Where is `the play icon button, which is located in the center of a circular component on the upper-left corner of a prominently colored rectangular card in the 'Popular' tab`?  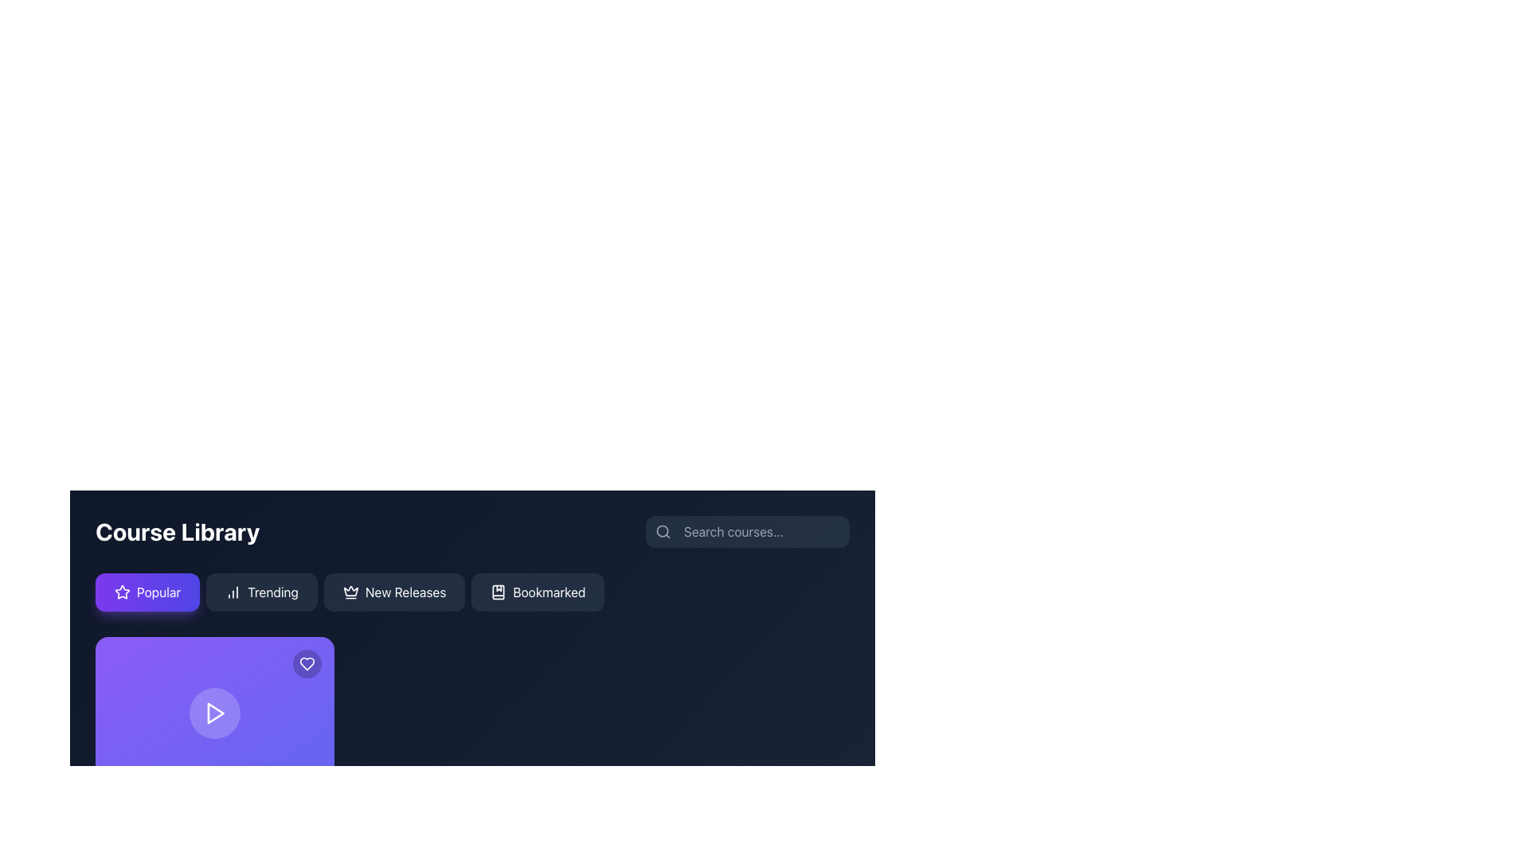
the play icon button, which is located in the center of a circular component on the upper-left corner of a prominently colored rectangular card in the 'Popular' tab is located at coordinates (213, 712).